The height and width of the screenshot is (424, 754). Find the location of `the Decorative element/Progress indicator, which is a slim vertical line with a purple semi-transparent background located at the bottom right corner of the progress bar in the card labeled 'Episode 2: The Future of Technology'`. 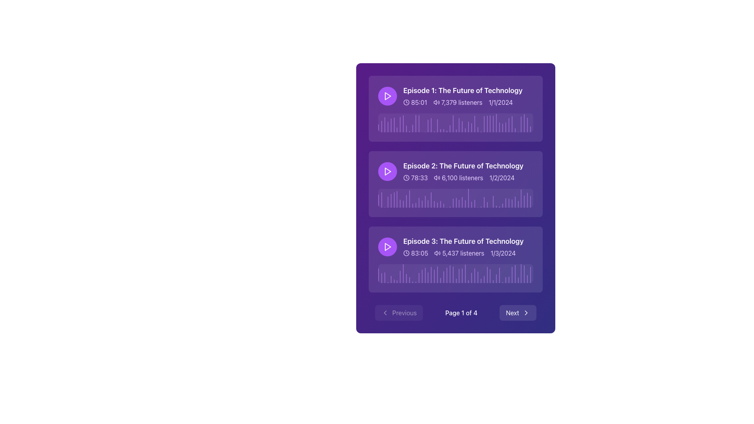

the Decorative element/Progress indicator, which is a slim vertical line with a purple semi-transparent background located at the bottom right corner of the progress bar in the card labeled 'Episode 2: The Future of Technology' is located at coordinates (531, 201).